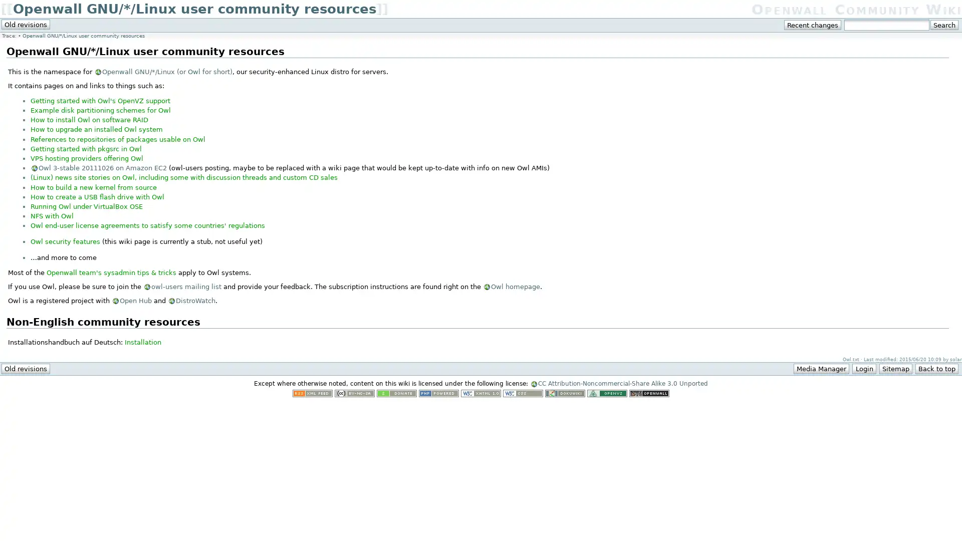 This screenshot has width=962, height=541. What do you see at coordinates (26, 369) in the screenshot?
I see `Old revisions` at bounding box center [26, 369].